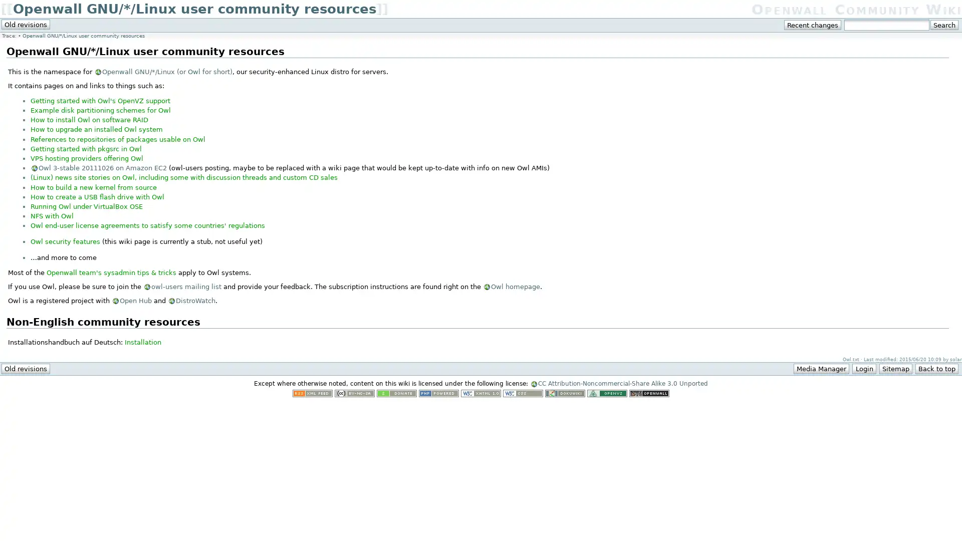 This screenshot has width=962, height=541. What do you see at coordinates (26, 369) in the screenshot?
I see `Old revisions` at bounding box center [26, 369].